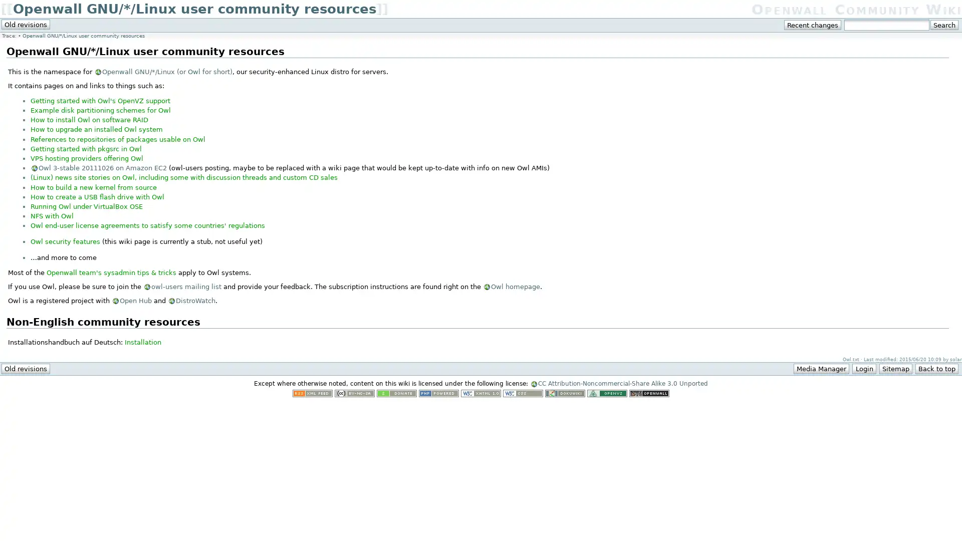 This screenshot has width=962, height=541. What do you see at coordinates (26, 369) in the screenshot?
I see `Old revisions` at bounding box center [26, 369].